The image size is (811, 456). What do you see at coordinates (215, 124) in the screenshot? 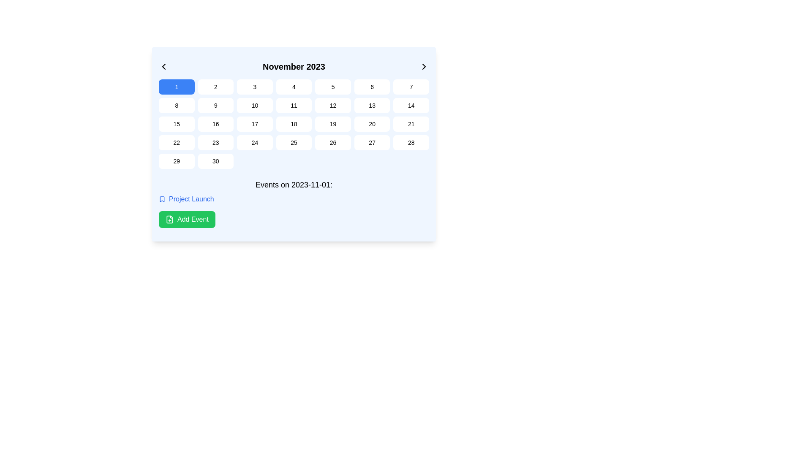
I see `the button displaying the number '16' in the November 2023 calendar` at bounding box center [215, 124].